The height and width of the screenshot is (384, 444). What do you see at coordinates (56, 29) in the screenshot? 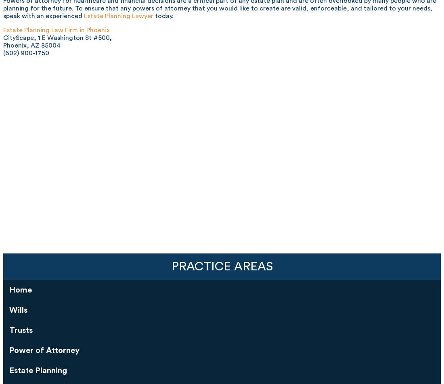
I see `'Estate Planning Law Firm in Phoenix'` at bounding box center [56, 29].